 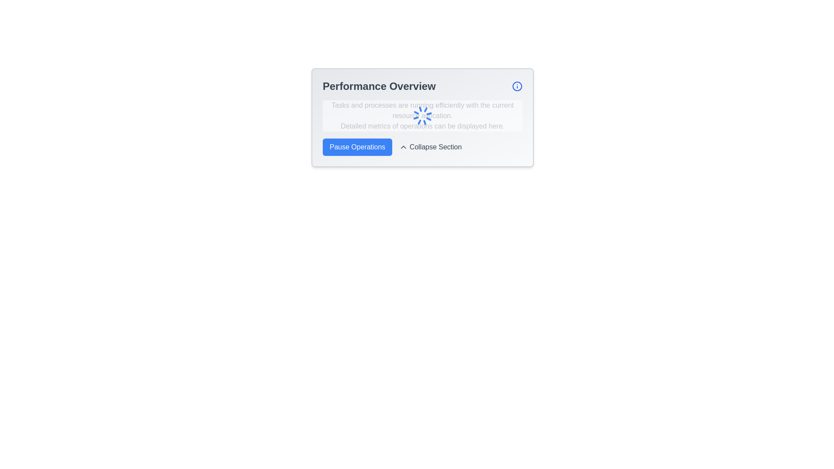 What do you see at coordinates (430, 147) in the screenshot?
I see `the 'Collapse Section' button using keyboard navigation` at bounding box center [430, 147].